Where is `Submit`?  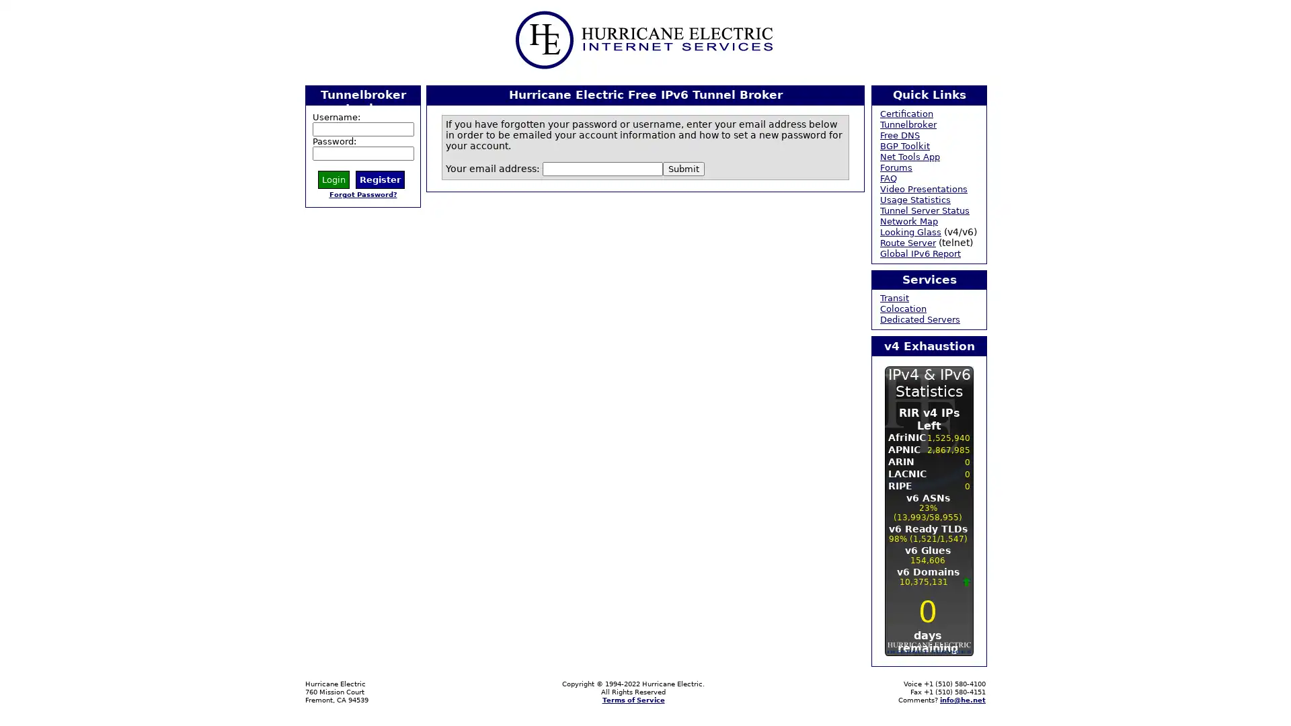 Submit is located at coordinates (684, 167).